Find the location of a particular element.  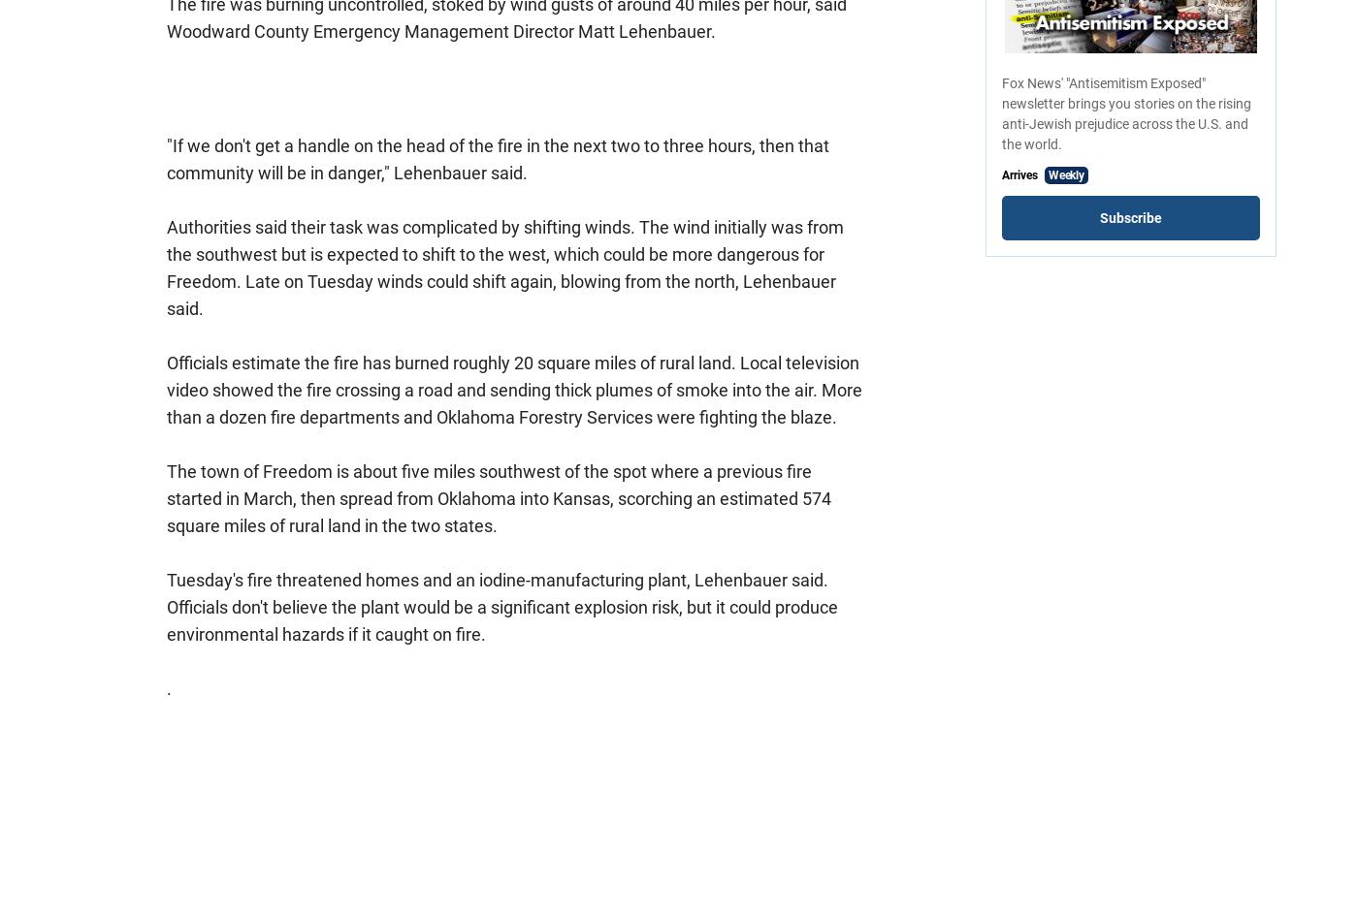

'Subscribe' is located at coordinates (1131, 217).